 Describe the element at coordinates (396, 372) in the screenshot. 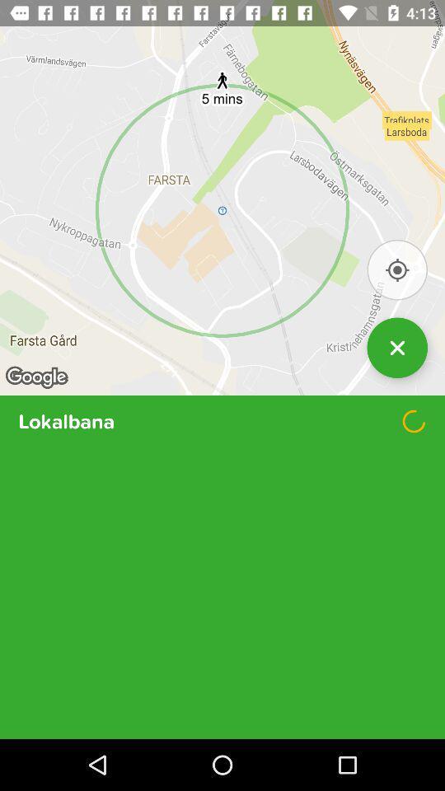

I see `the close icon` at that location.